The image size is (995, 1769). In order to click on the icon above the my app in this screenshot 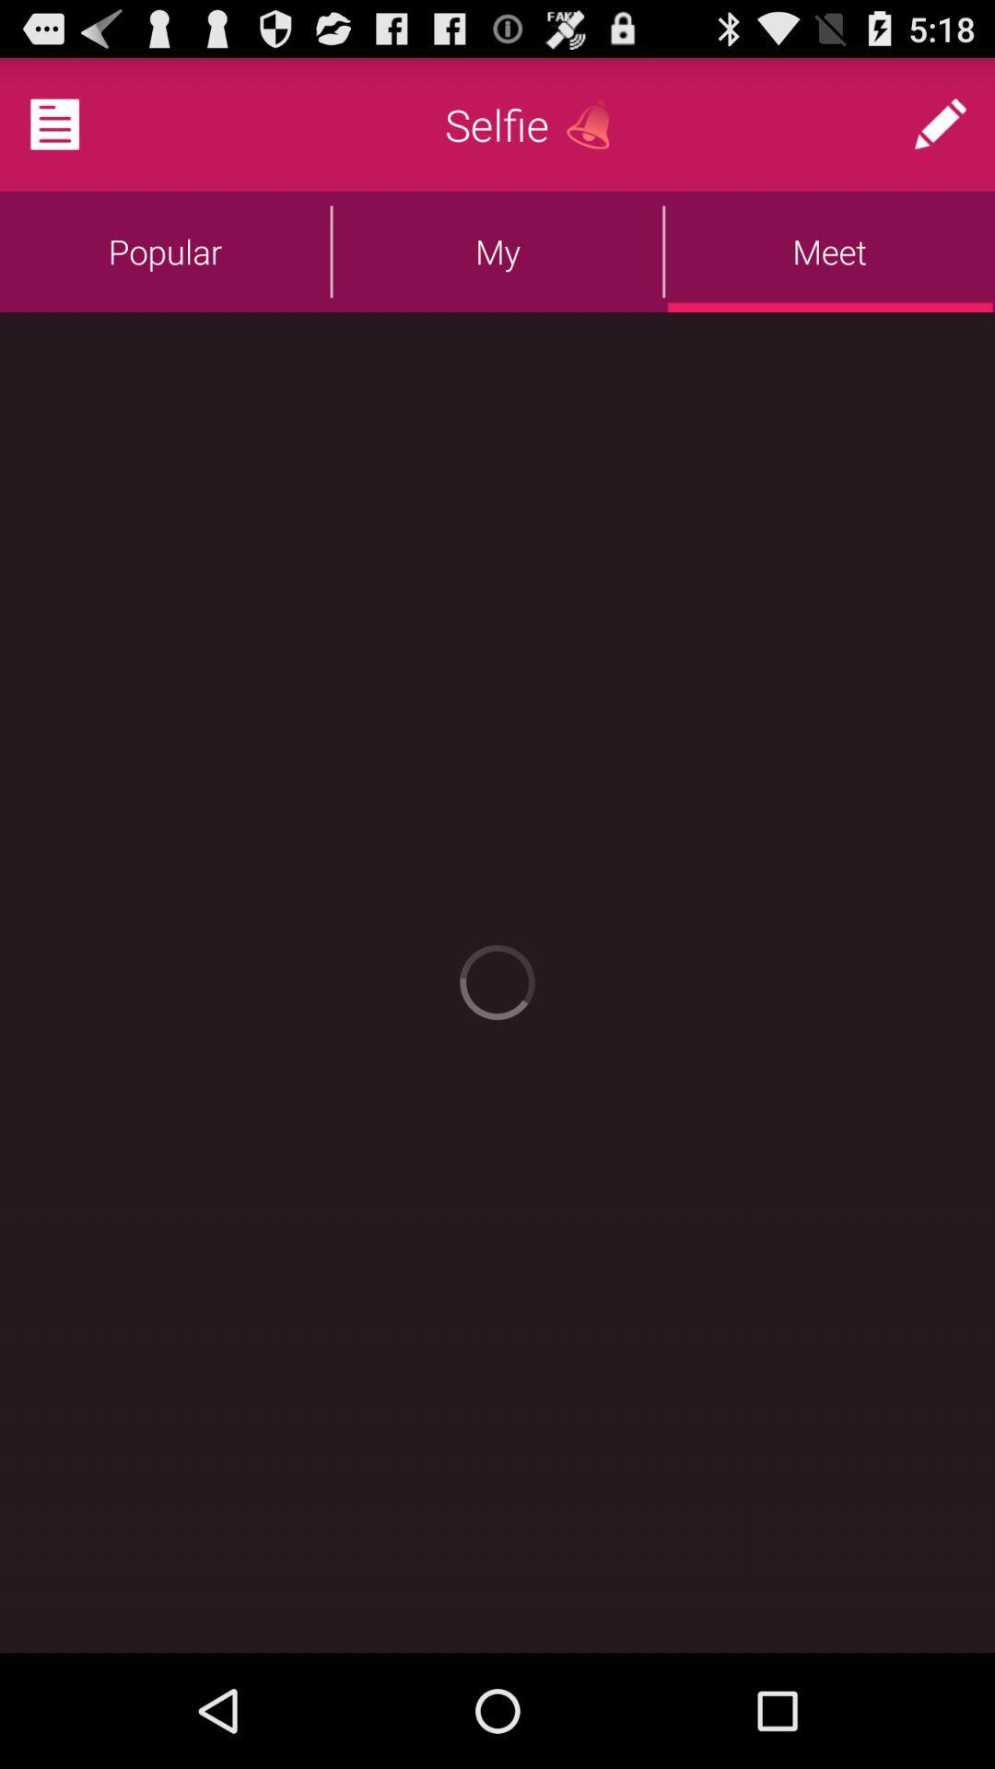, I will do `click(595, 123)`.